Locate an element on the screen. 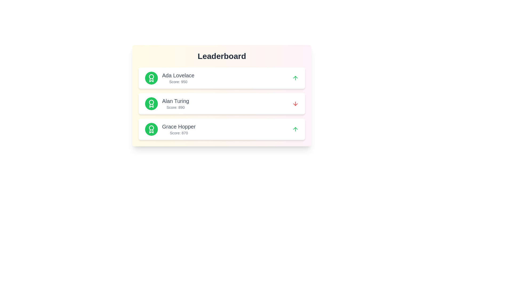 This screenshot has height=288, width=512. the text of the leaderboard entry for Ada Lovelace is located at coordinates (222, 78).